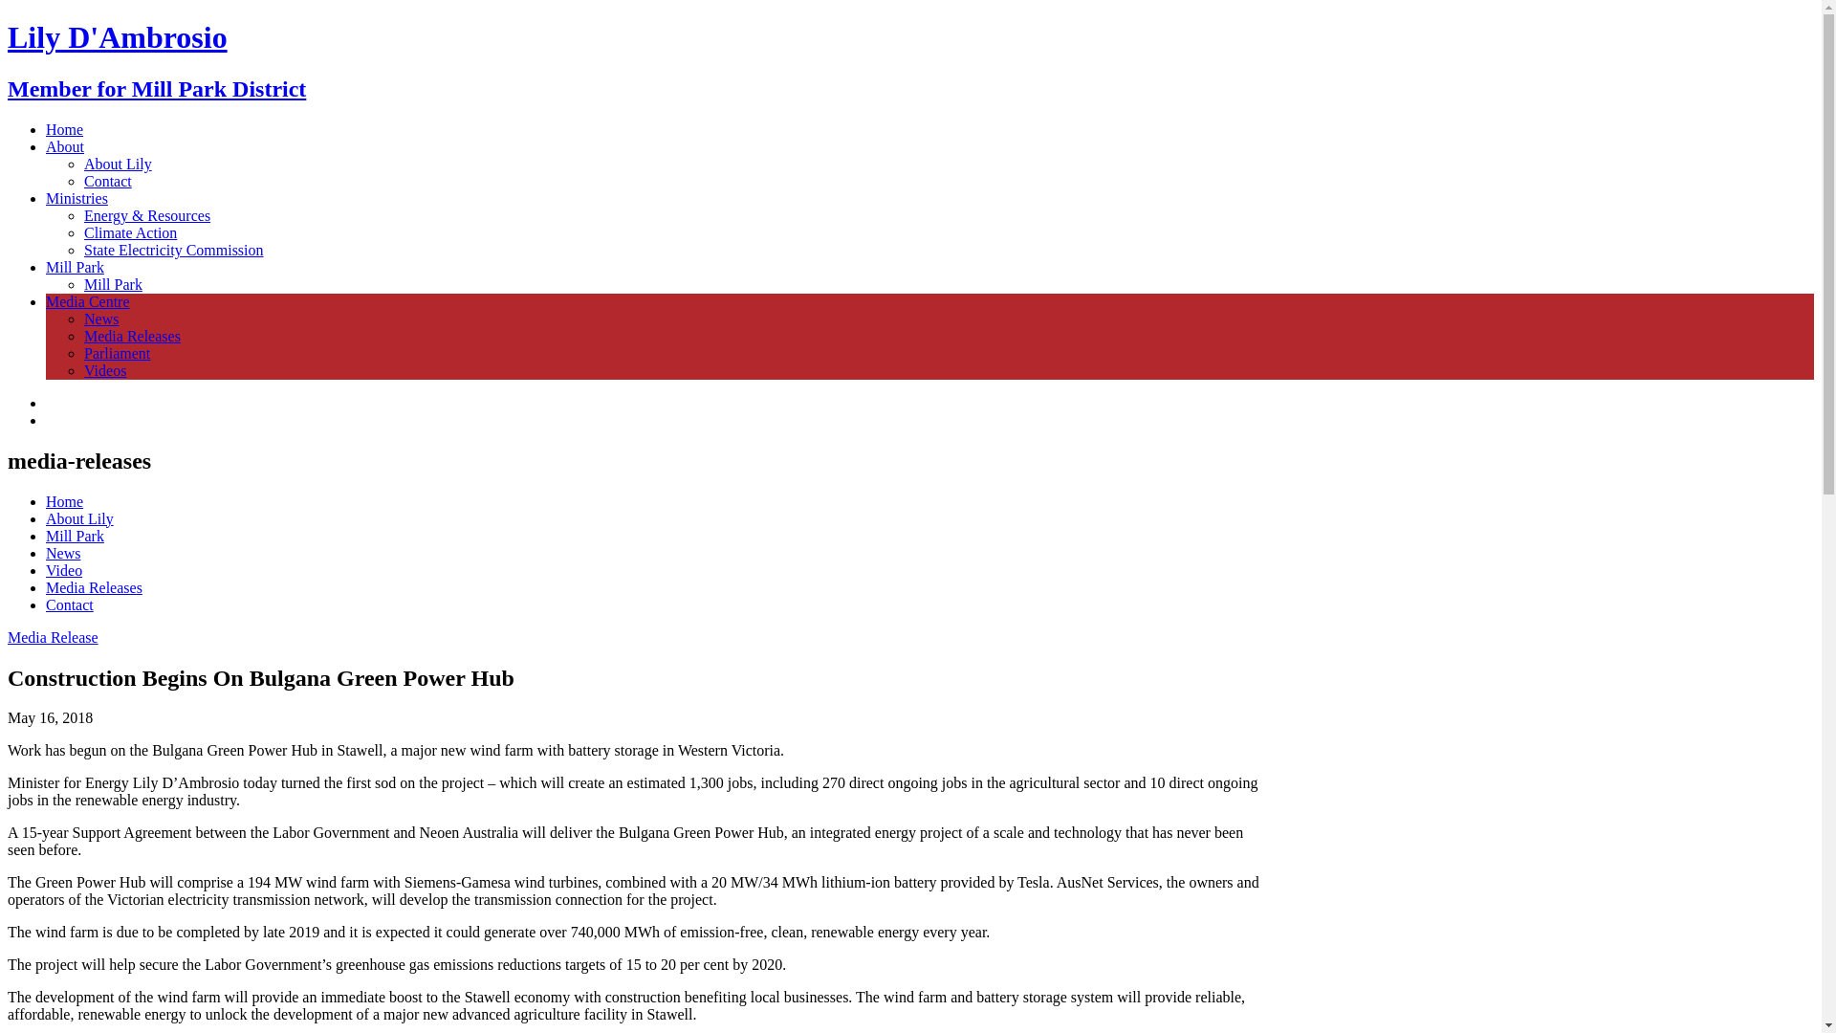 The width and height of the screenshot is (1836, 1033). I want to click on 'Media Releases', so click(93, 586).